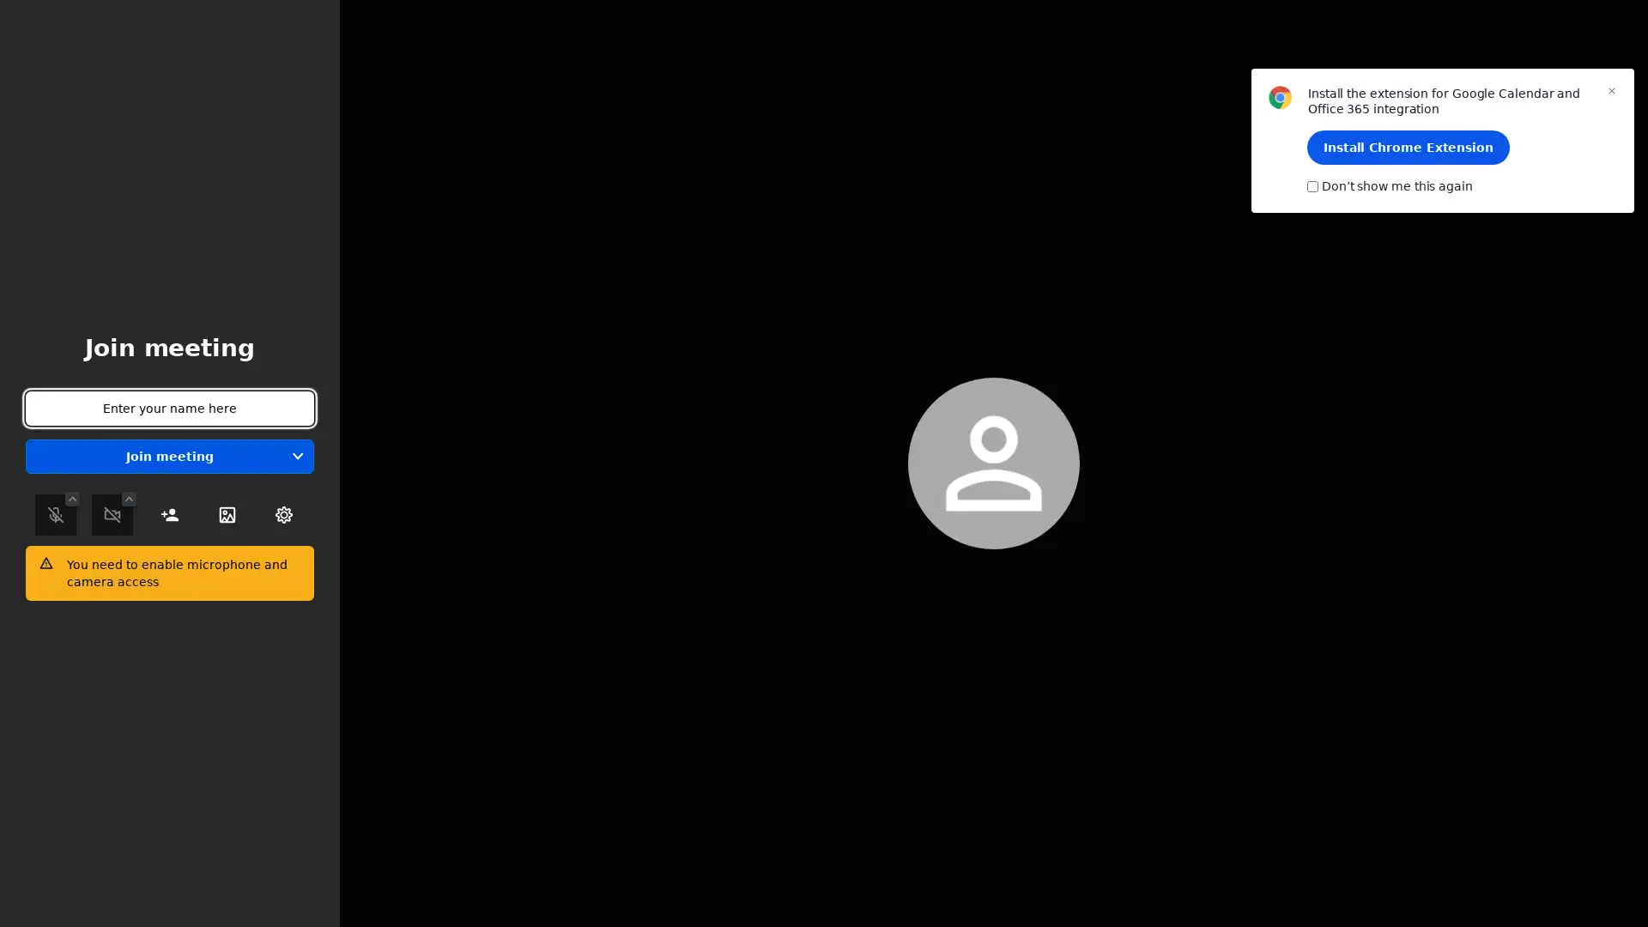 The height and width of the screenshot is (927, 1648). Describe the element at coordinates (284, 514) in the screenshot. I see `Toggle settings` at that location.